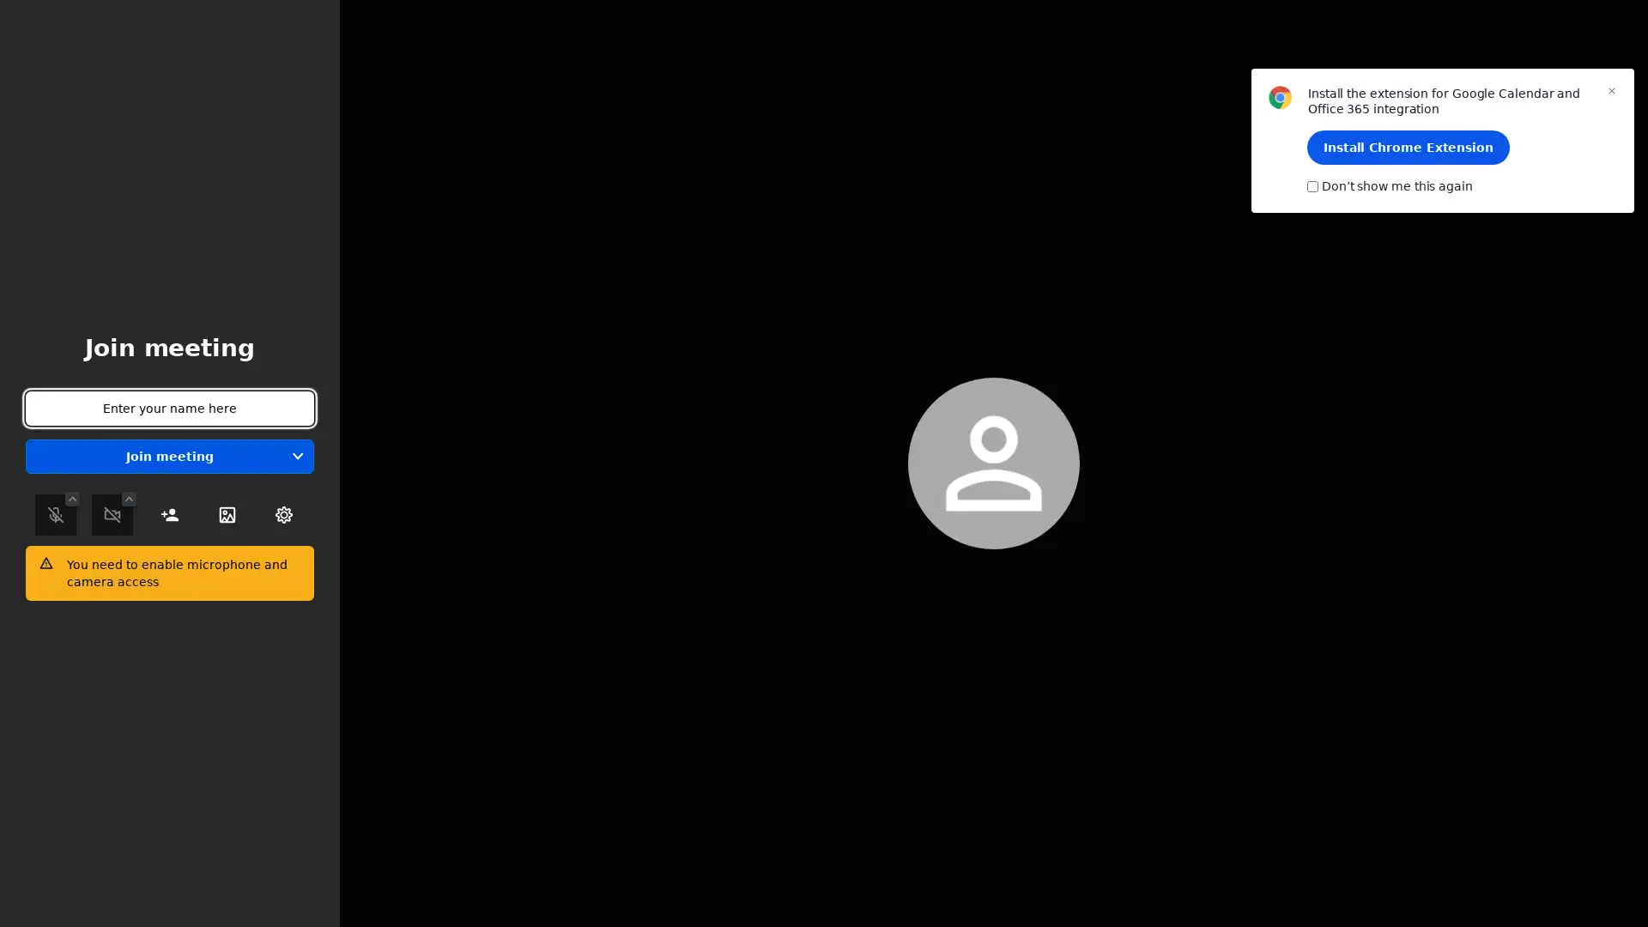 The height and width of the screenshot is (927, 1648). Describe the element at coordinates (284, 514) in the screenshot. I see `Toggle settings` at that location.